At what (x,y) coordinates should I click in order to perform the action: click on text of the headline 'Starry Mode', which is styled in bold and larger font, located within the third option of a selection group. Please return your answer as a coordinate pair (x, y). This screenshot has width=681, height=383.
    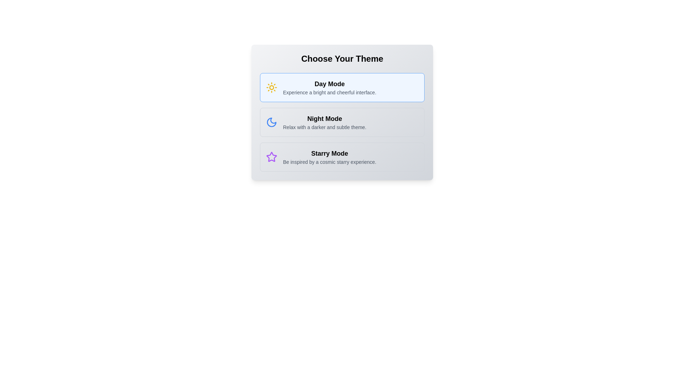
    Looking at the image, I should click on (329, 153).